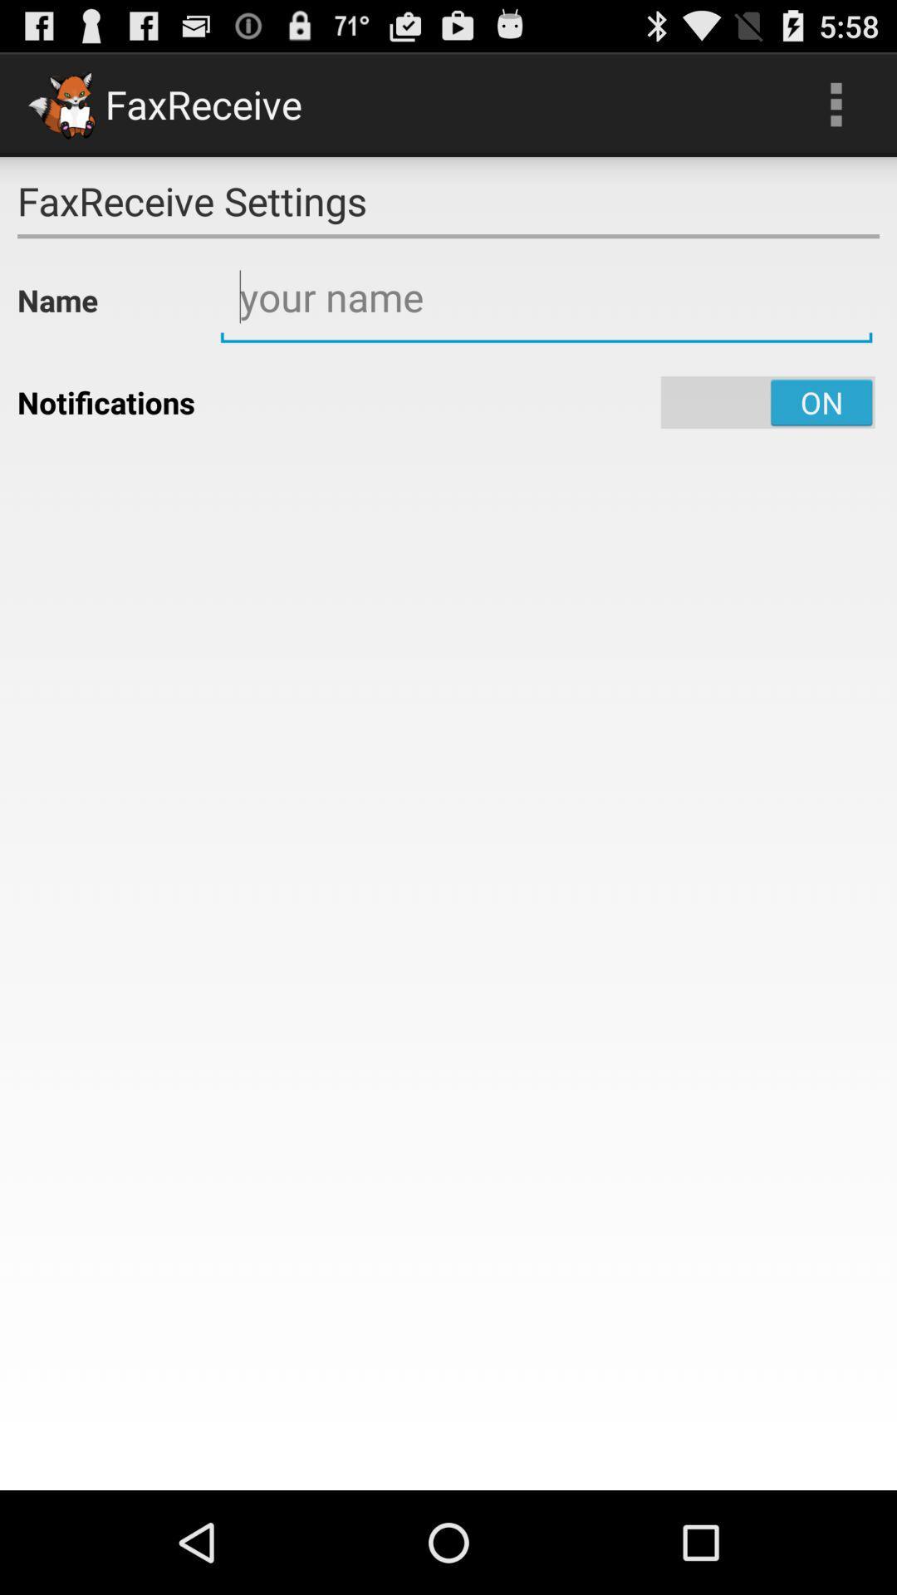 Image resolution: width=897 pixels, height=1595 pixels. I want to click on goods, so click(547, 297).